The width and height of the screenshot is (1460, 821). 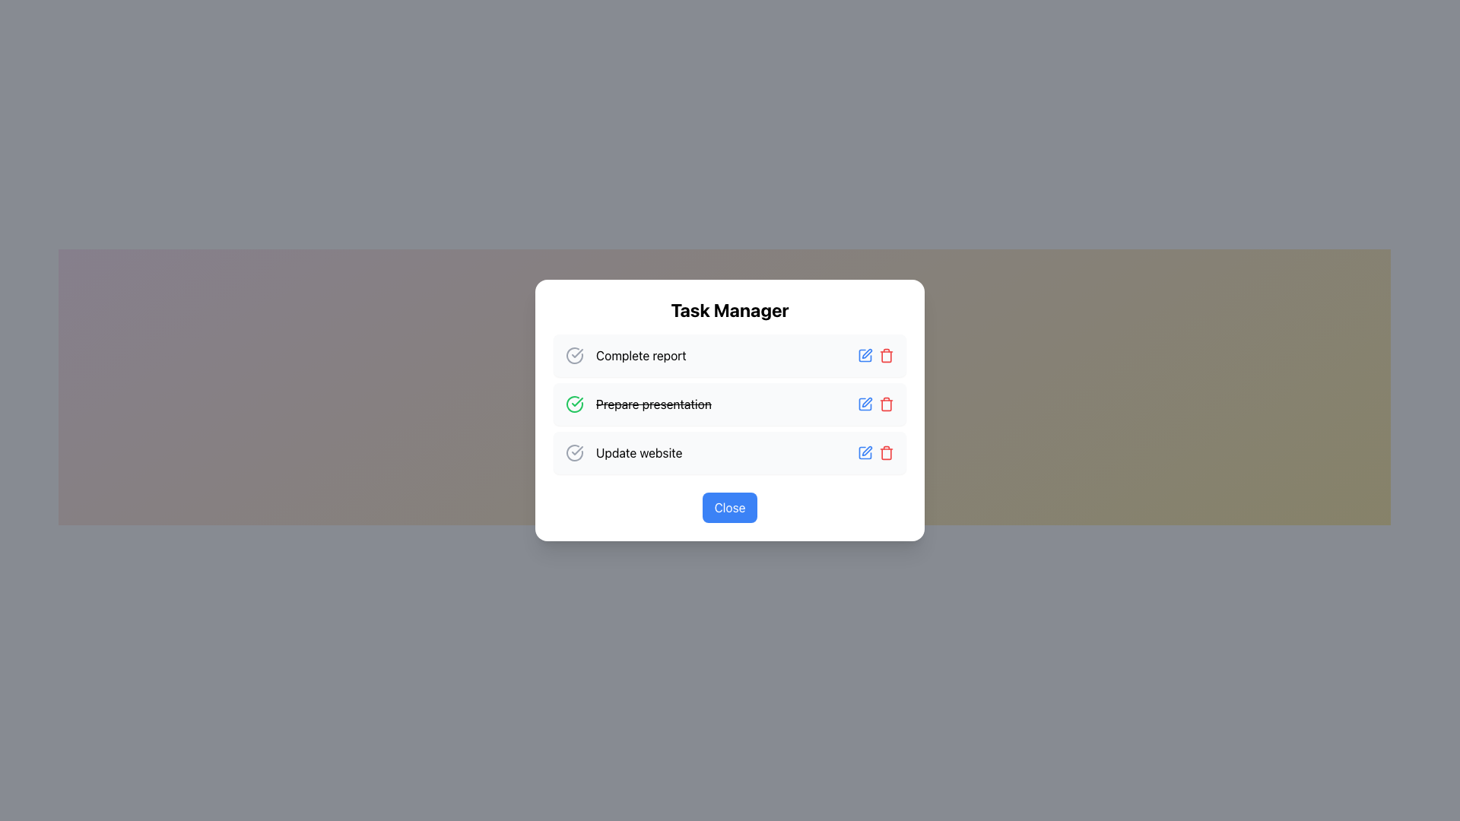 What do you see at coordinates (887, 355) in the screenshot?
I see `the delete button located on the far-right side of the task row containing the text 'Prepare presentation'` at bounding box center [887, 355].